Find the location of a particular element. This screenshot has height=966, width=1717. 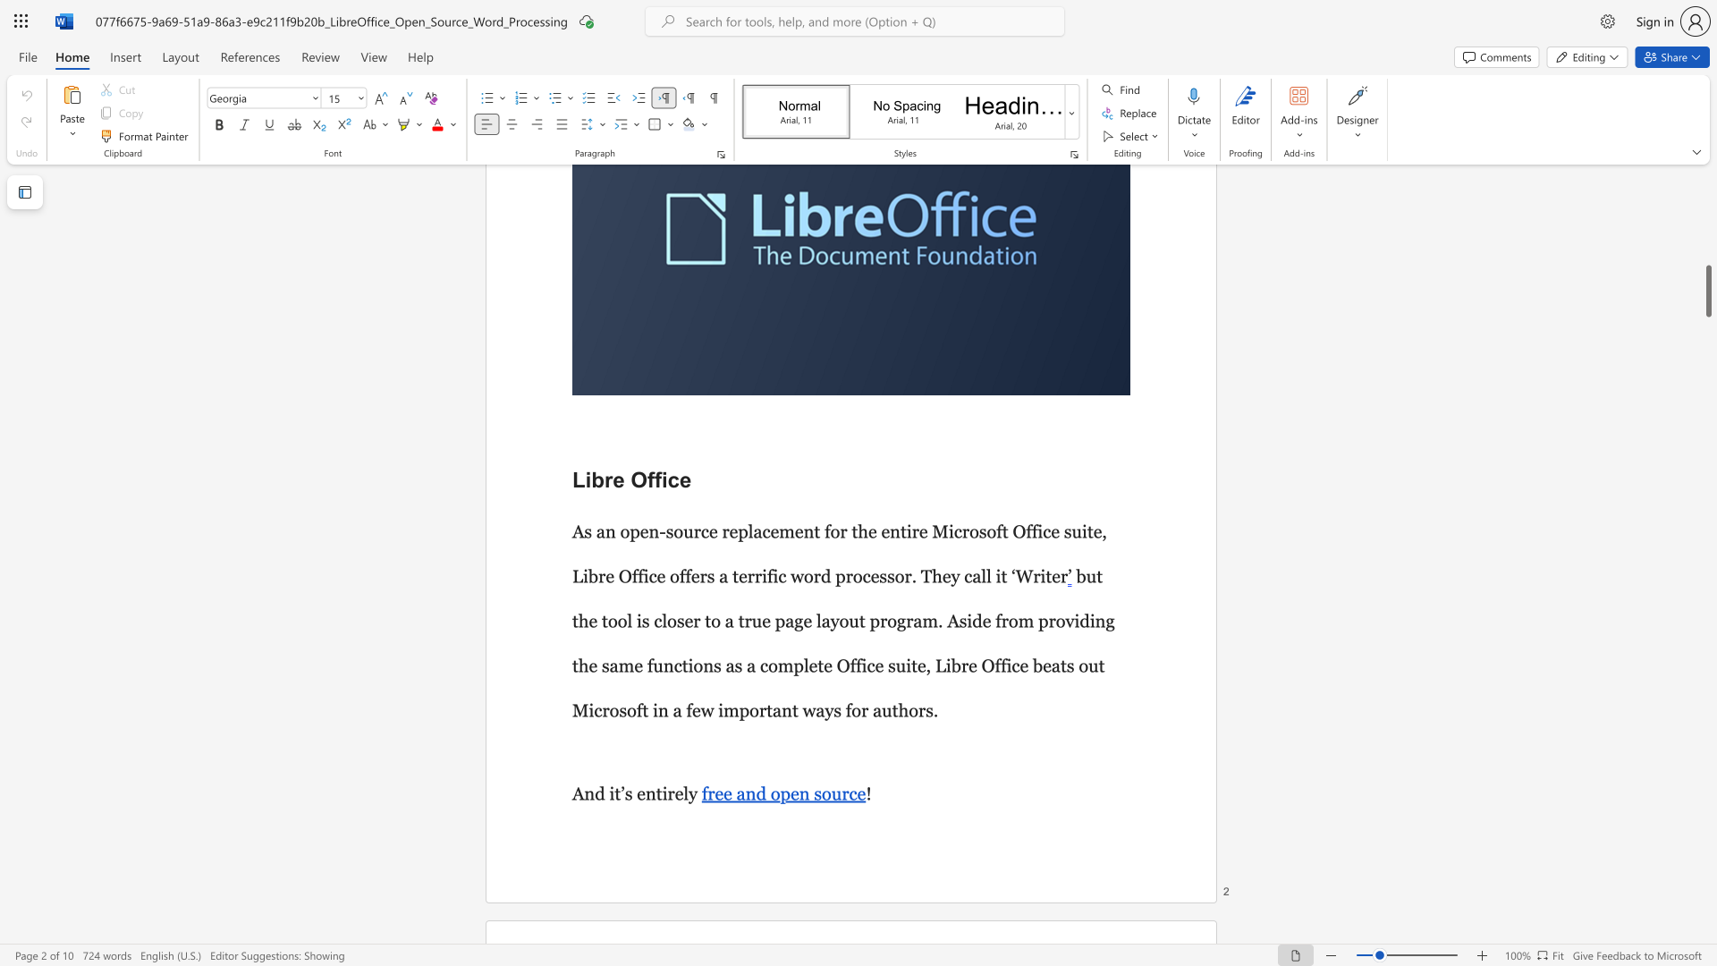

the 2th character "e" in the text is located at coordinates (678, 792).